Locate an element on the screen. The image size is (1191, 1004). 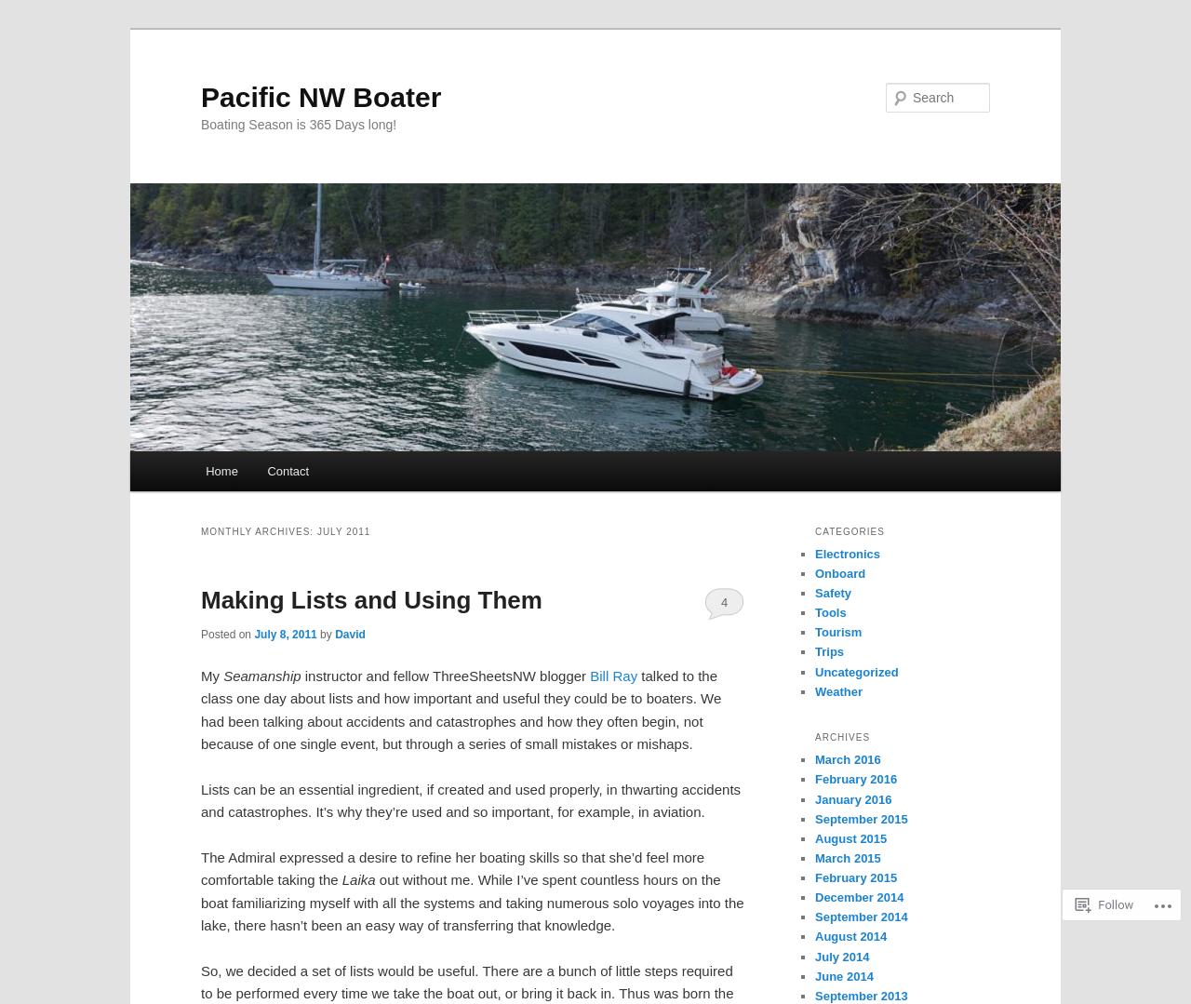
'June 2014' is located at coordinates (843, 974).